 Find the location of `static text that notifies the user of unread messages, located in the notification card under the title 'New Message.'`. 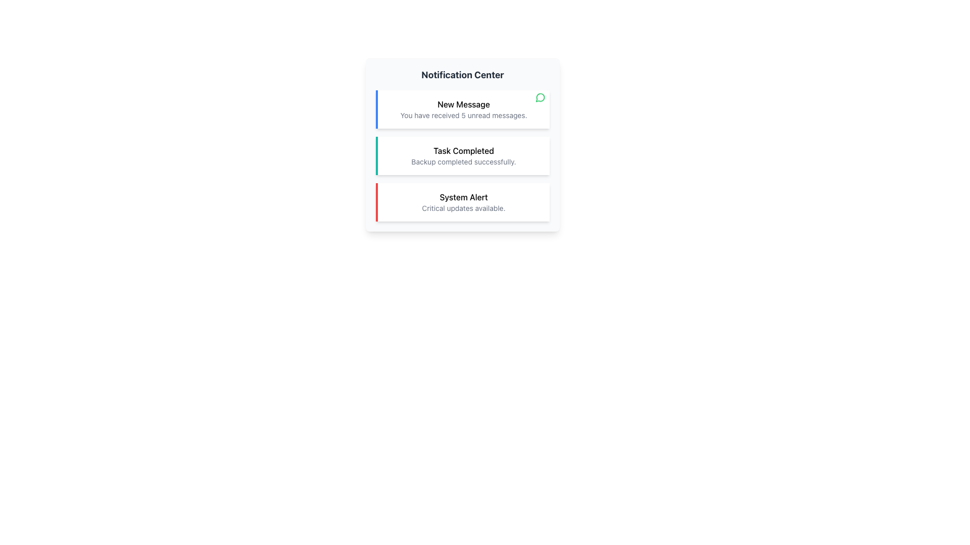

static text that notifies the user of unread messages, located in the notification card under the title 'New Message.' is located at coordinates (463, 115).